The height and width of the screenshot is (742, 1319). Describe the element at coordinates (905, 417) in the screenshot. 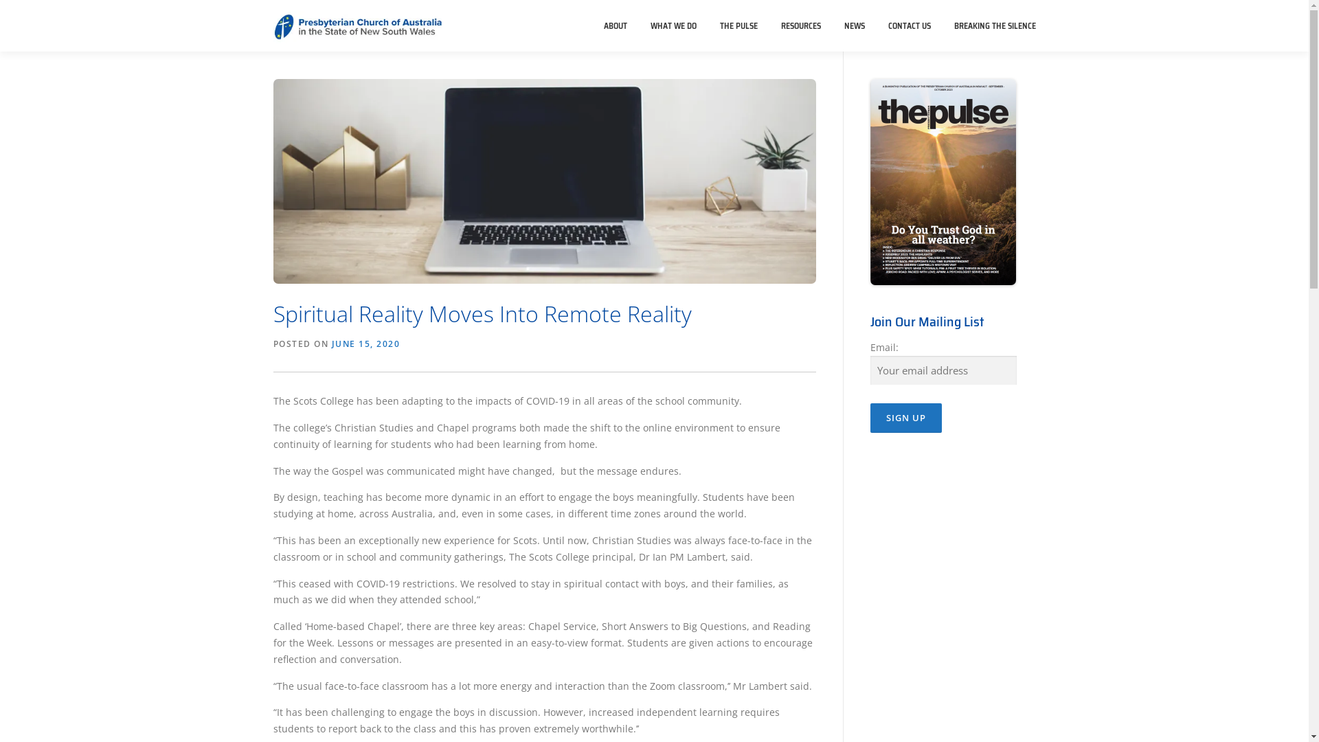

I see `'Sign up'` at that location.